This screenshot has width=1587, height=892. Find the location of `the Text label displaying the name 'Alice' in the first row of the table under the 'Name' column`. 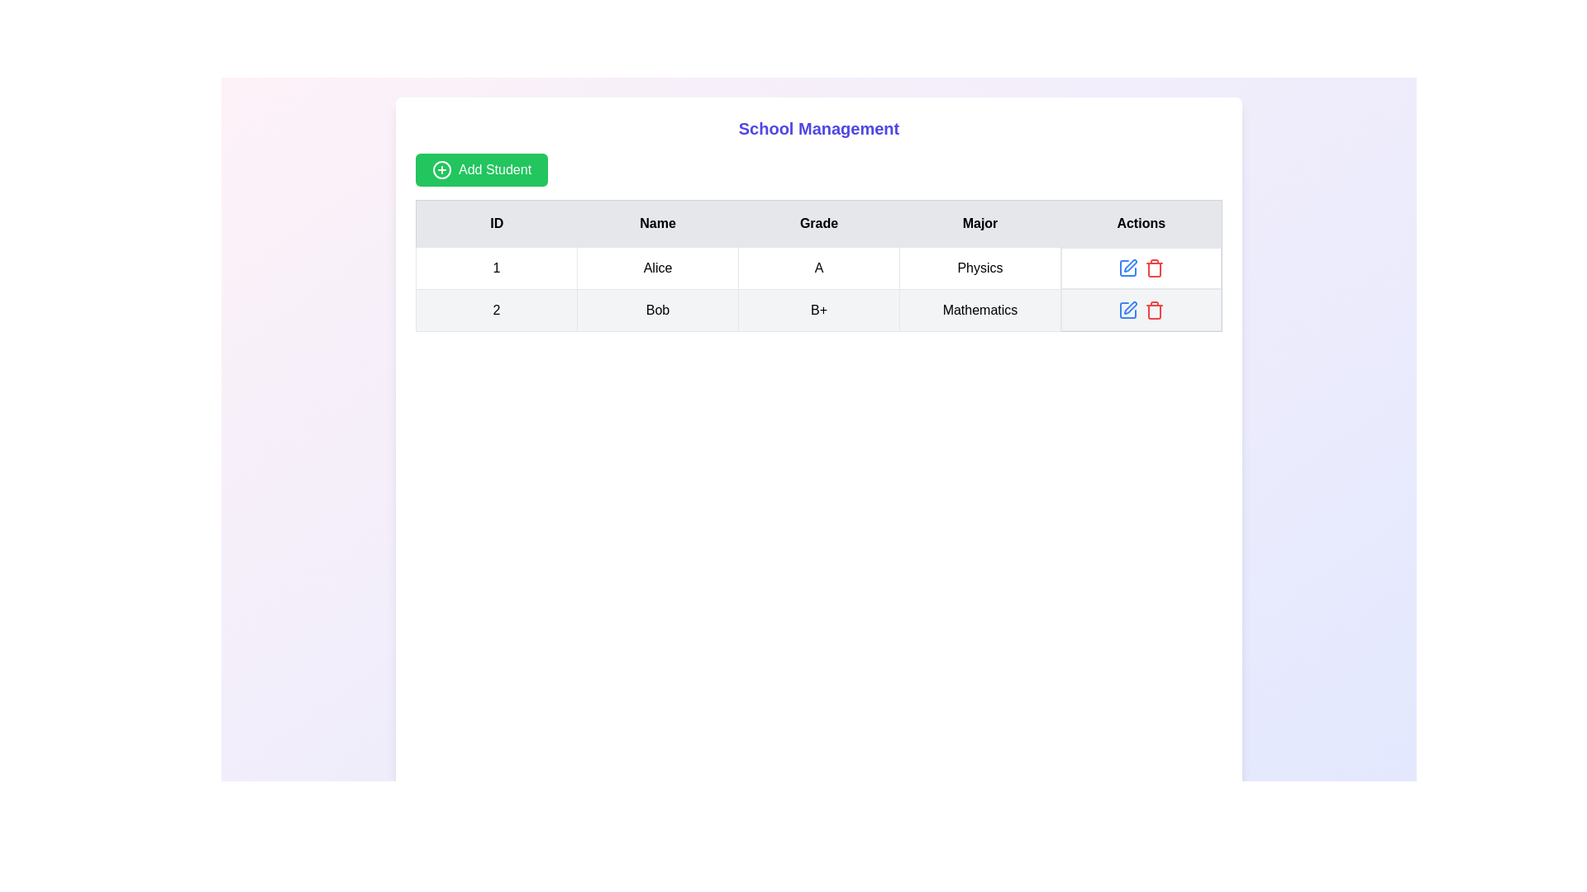

the Text label displaying the name 'Alice' in the first row of the table under the 'Name' column is located at coordinates (657, 267).